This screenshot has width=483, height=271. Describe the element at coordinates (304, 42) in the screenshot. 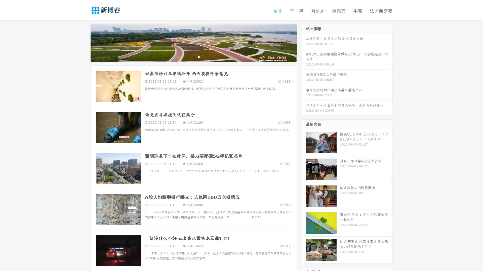

I see `Next slide` at that location.